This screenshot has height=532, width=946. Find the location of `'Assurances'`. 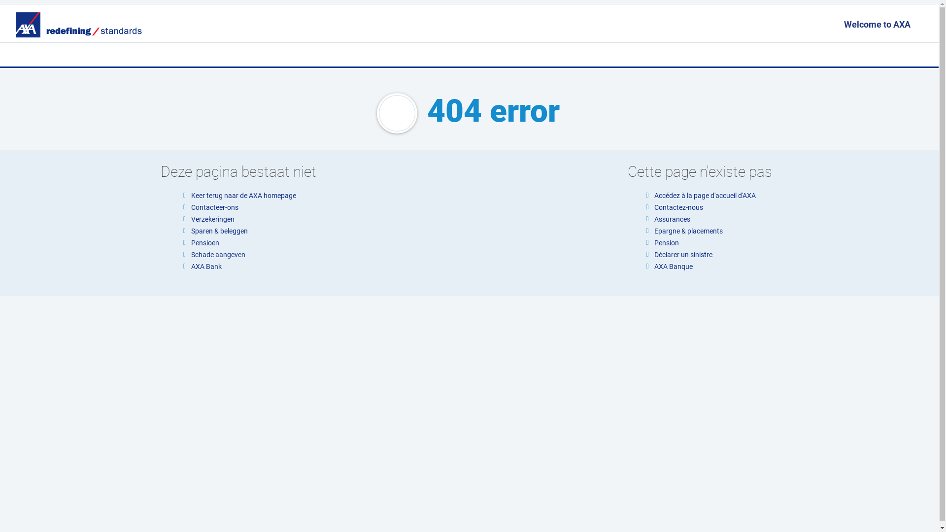

'Assurances' is located at coordinates (672, 218).